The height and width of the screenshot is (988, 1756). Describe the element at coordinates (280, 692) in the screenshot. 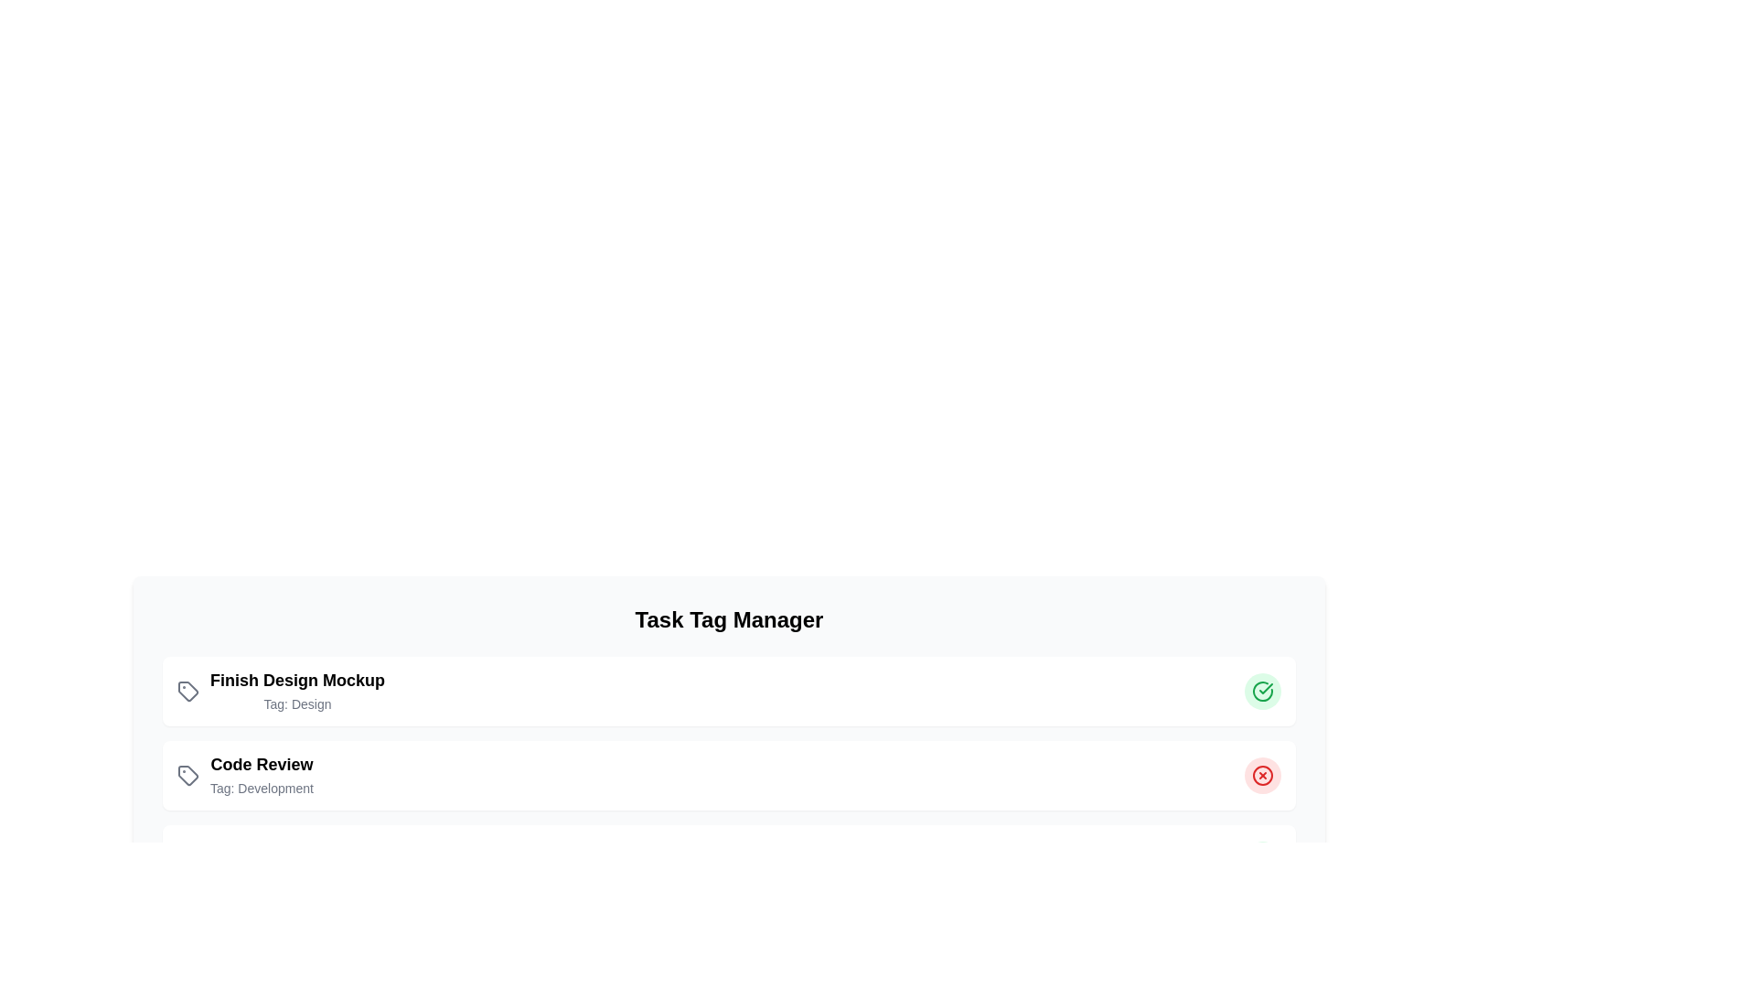

I see `the Task Entry Display element titled 'Finish Design Mockup' which includes the tag 'Design' and a tag icon, located at the upper left of the task entries list` at that location.